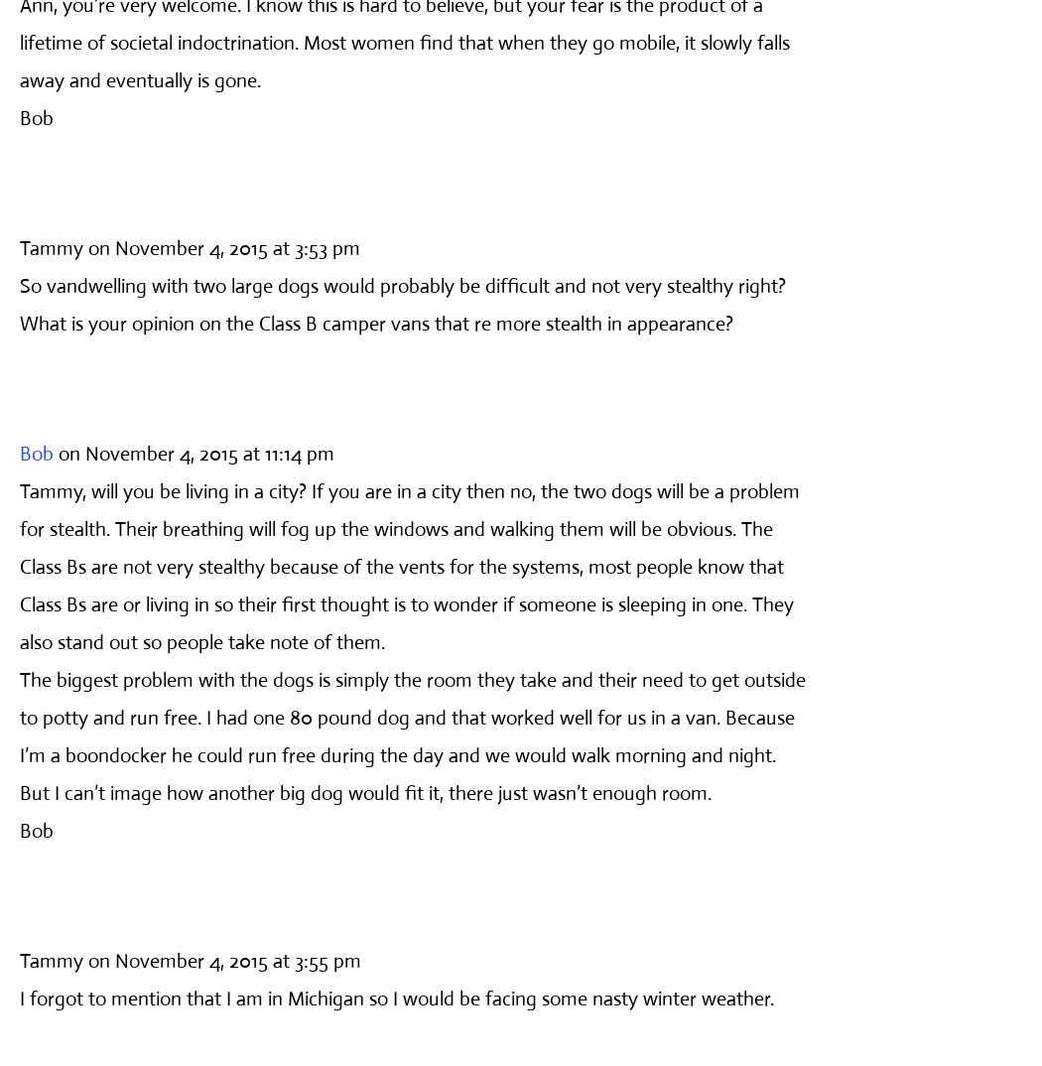  What do you see at coordinates (364, 791) in the screenshot?
I see `'But I can’t image how another big dog would fit it, there just wasn’t enough room.'` at bounding box center [364, 791].